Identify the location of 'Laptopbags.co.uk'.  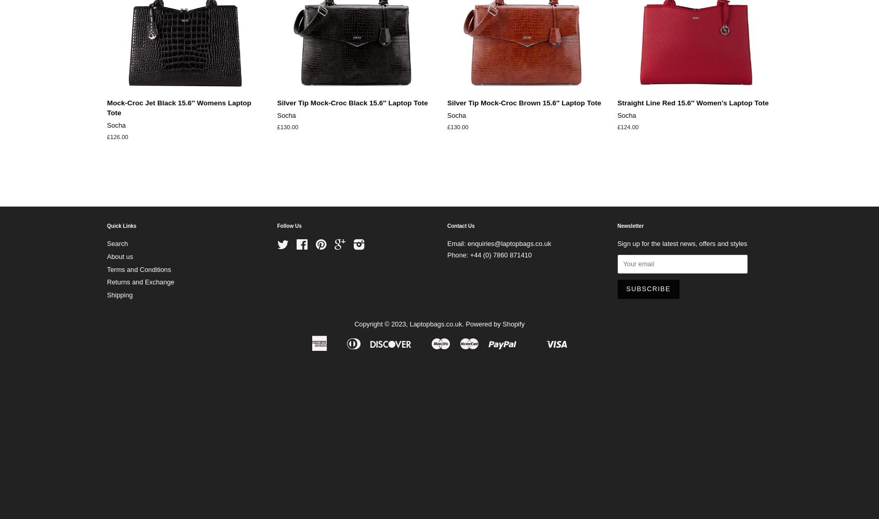
(435, 323).